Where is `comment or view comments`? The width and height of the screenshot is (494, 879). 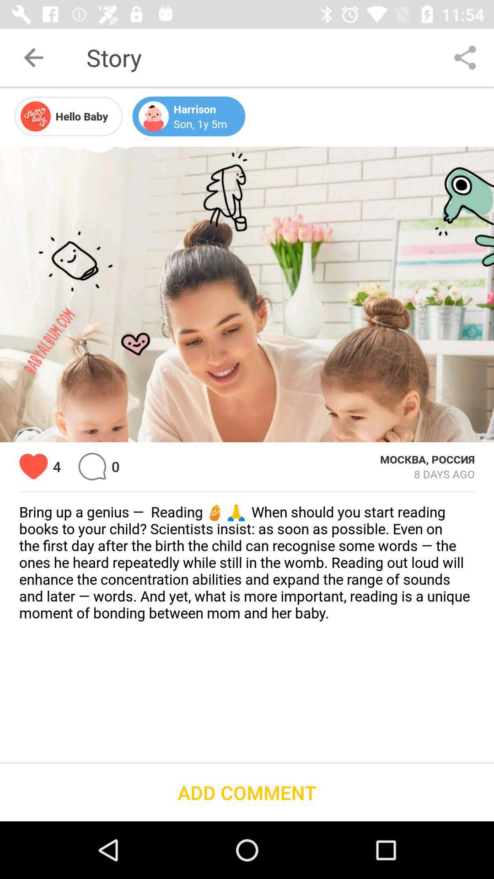
comment or view comments is located at coordinates (92, 467).